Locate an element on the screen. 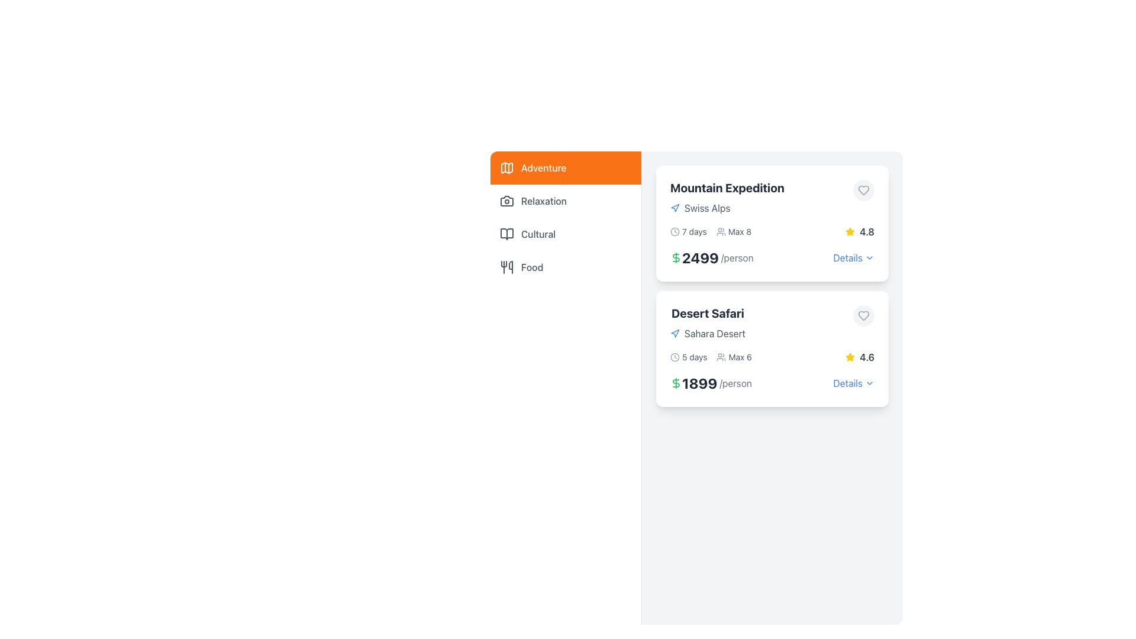 This screenshot has width=1136, height=639. the 'Cultural' button located in the left navigation sidebar is located at coordinates (565, 234).